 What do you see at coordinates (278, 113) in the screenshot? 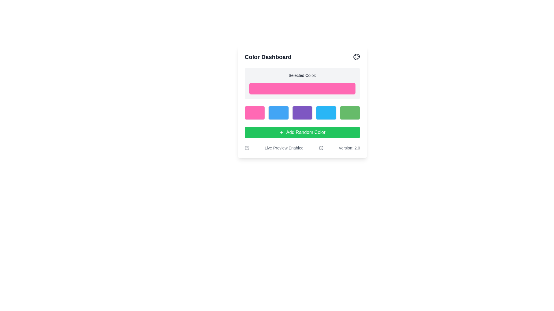
I see `the color selection button located as the second block in a grid layout, positioned between a pink block on the left and a purple block on the right` at bounding box center [278, 113].